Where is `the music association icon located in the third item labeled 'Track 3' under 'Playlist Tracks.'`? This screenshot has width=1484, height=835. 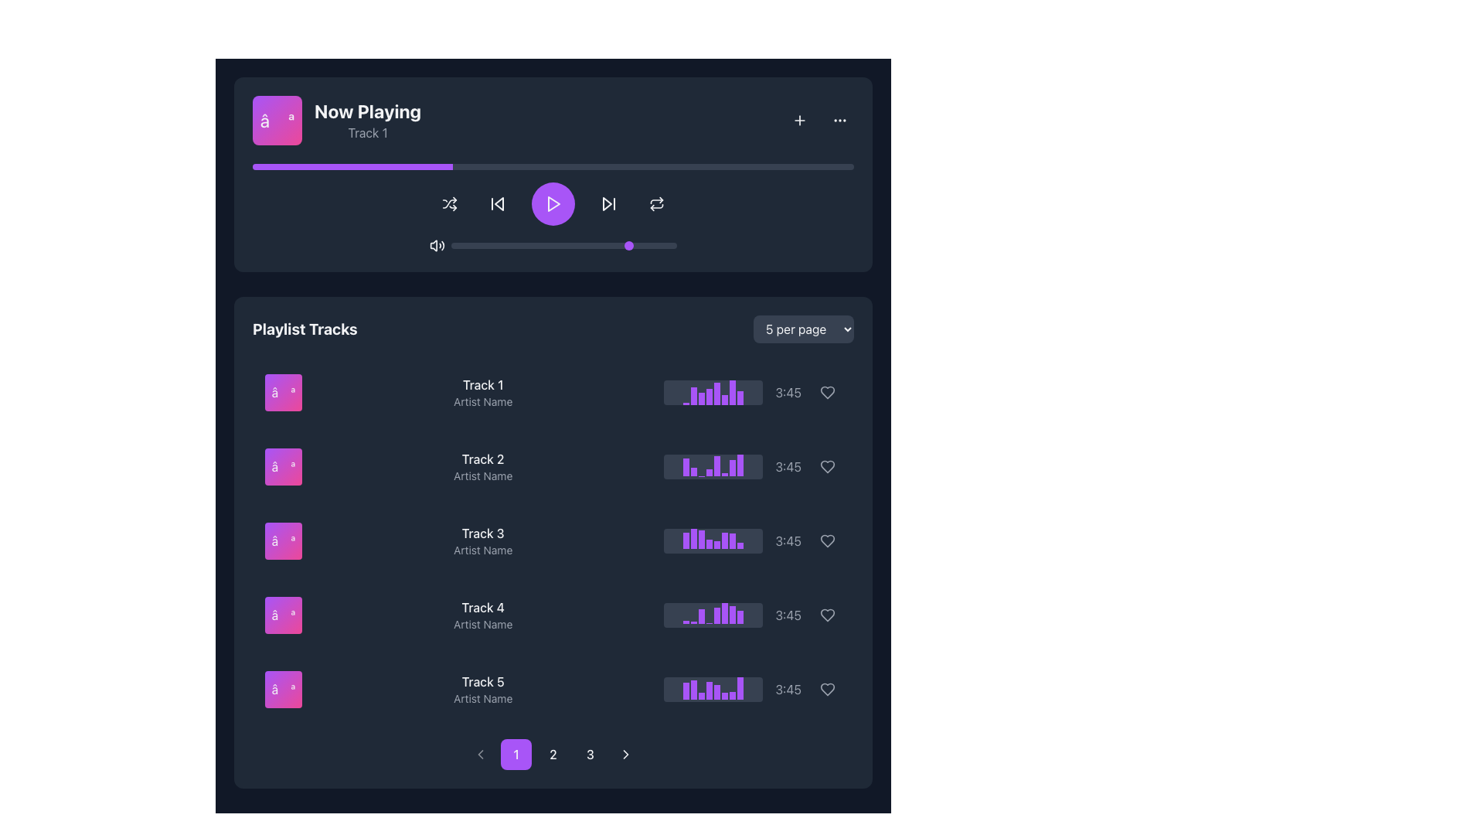 the music association icon located in the third item labeled 'Track 3' under 'Playlist Tracks.' is located at coordinates (283, 540).